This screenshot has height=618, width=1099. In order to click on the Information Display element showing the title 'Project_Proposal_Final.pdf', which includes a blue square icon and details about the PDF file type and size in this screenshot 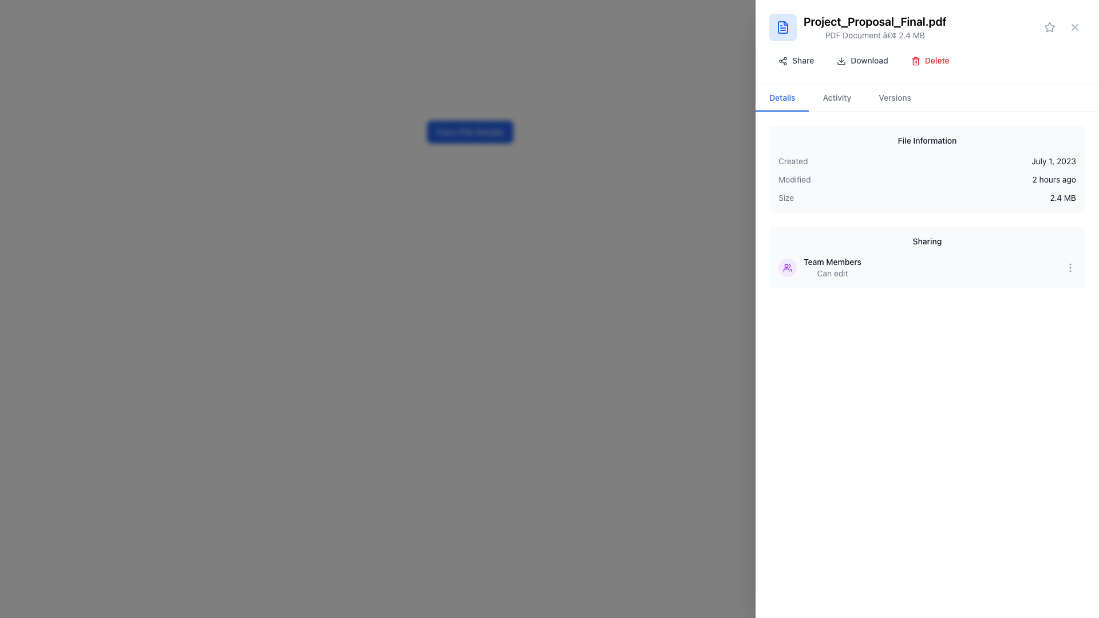, I will do `click(927, 26)`.